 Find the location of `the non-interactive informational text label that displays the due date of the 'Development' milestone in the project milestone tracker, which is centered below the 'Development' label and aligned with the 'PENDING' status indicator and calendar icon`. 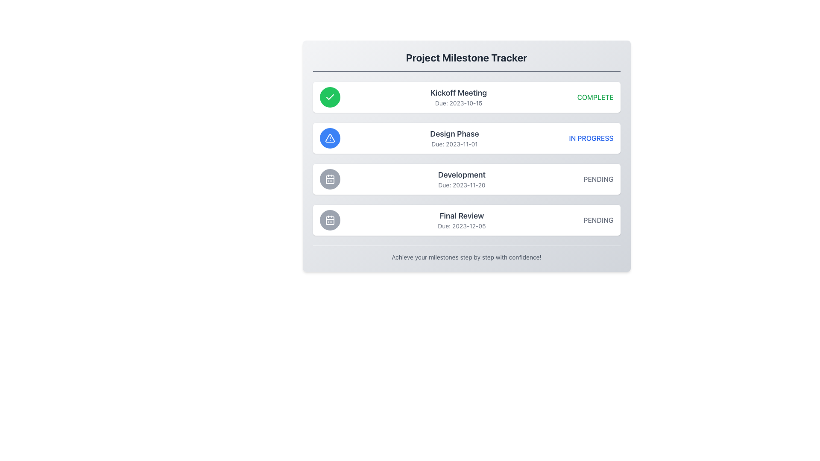

the non-interactive informational text label that displays the due date of the 'Development' milestone in the project milestone tracker, which is centered below the 'Development' label and aligned with the 'PENDING' status indicator and calendar icon is located at coordinates (461, 185).